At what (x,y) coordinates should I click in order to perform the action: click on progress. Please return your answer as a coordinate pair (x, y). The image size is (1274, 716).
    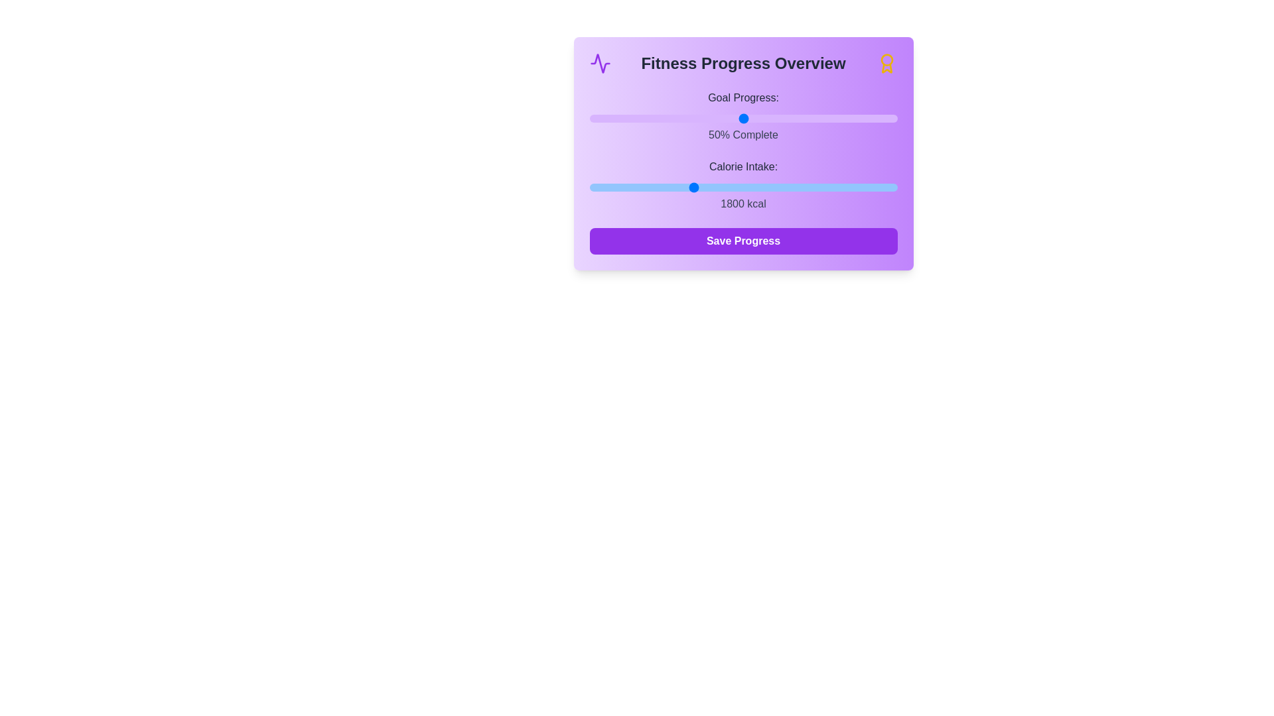
    Looking at the image, I should click on (882, 117).